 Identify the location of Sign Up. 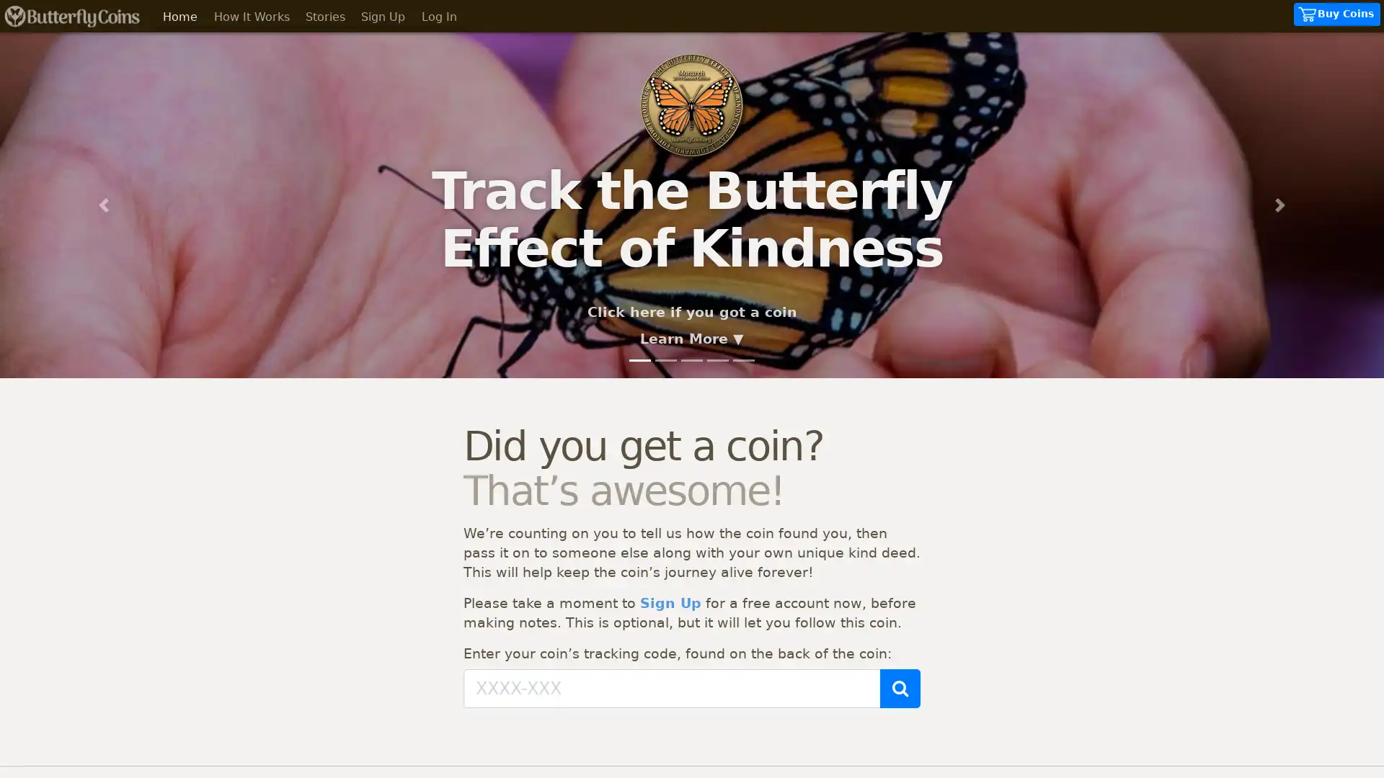
(383, 16).